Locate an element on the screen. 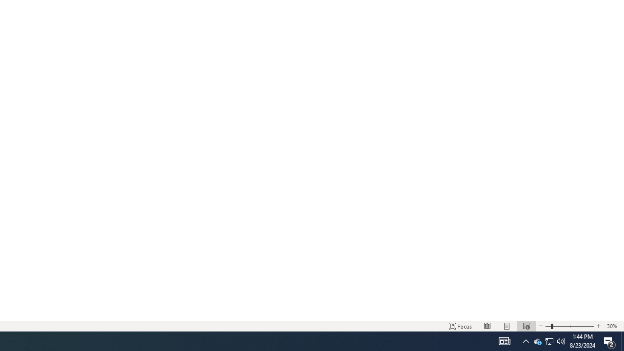  'Read Mode' is located at coordinates (487, 326).